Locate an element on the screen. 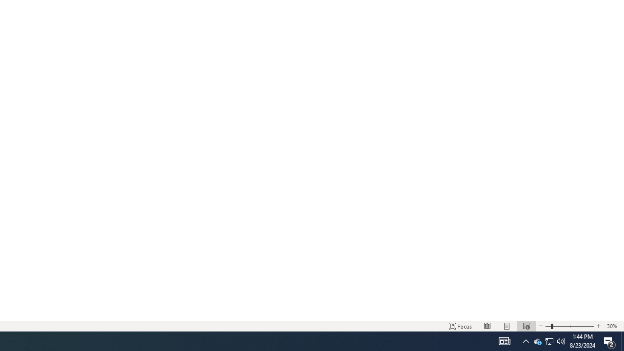  'Read Mode' is located at coordinates (487, 326).